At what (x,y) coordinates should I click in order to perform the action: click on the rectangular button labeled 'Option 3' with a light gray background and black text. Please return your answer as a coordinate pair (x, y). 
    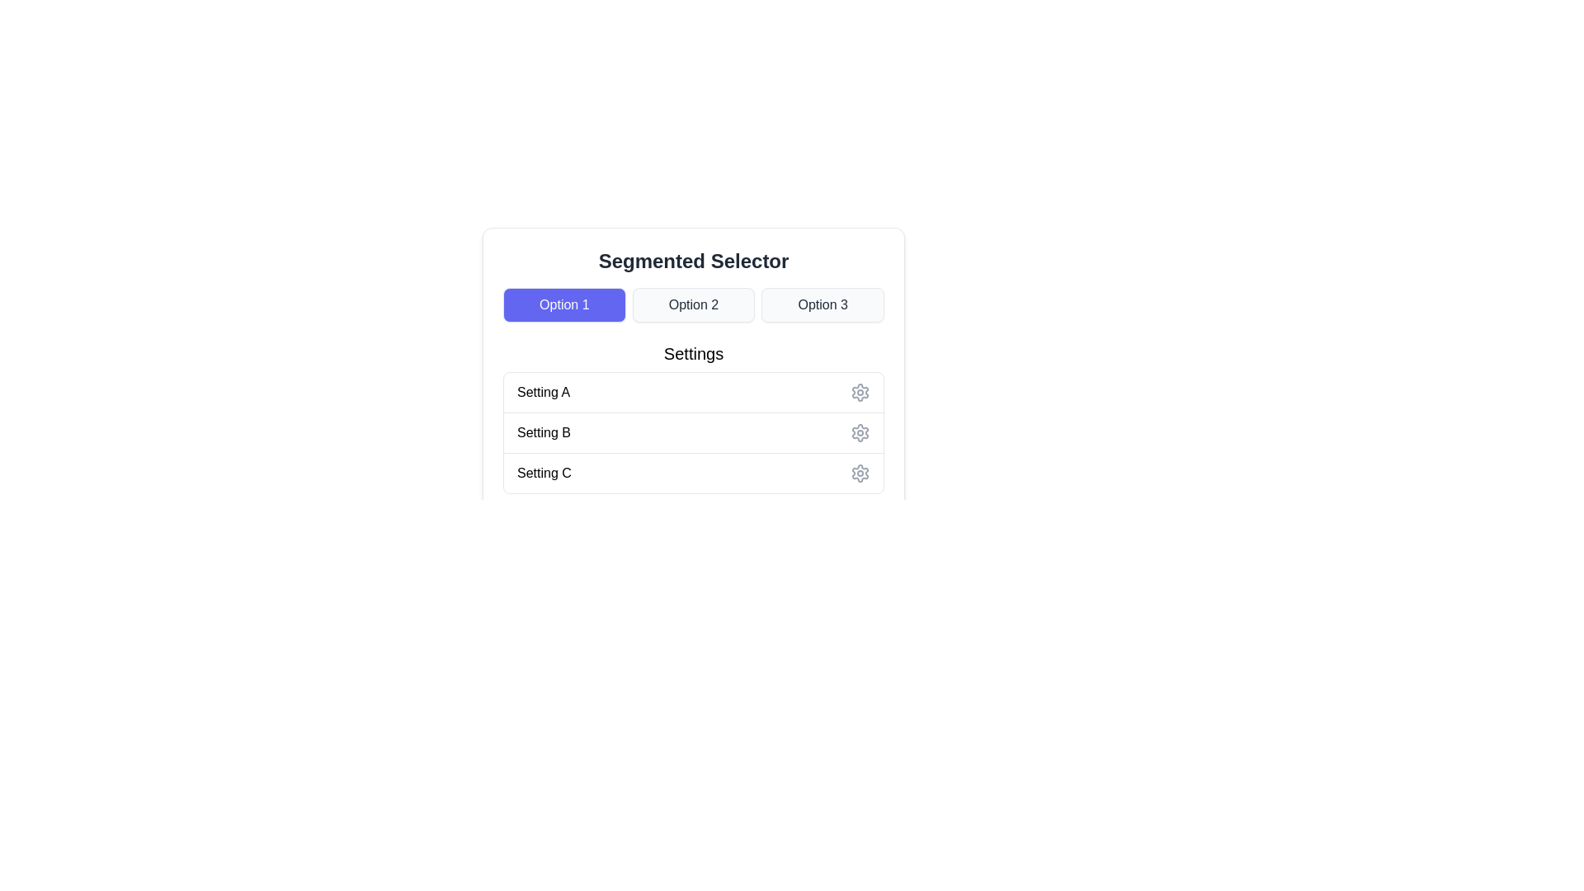
    Looking at the image, I should click on (823, 305).